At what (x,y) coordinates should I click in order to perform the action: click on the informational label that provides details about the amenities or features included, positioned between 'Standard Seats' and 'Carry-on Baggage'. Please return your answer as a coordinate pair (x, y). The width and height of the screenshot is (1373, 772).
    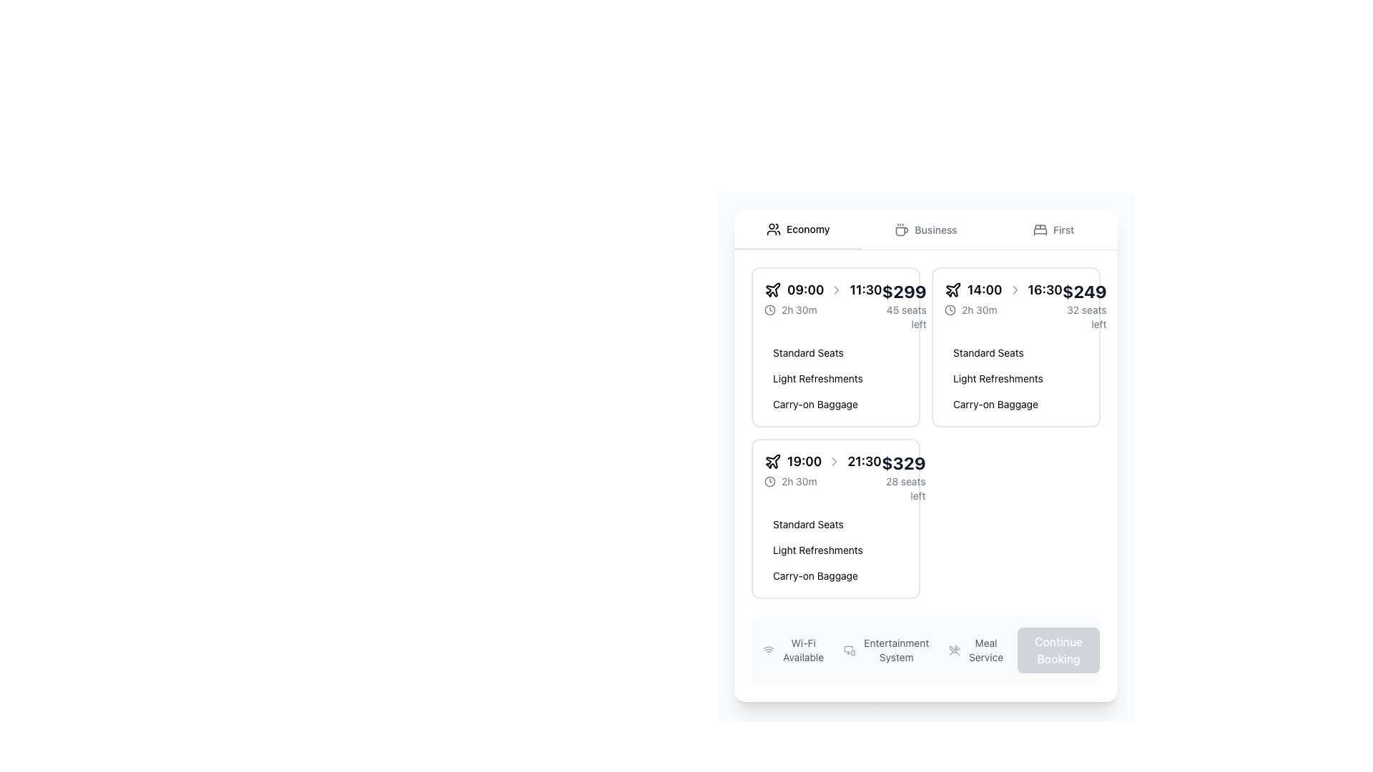
    Looking at the image, I should click on (817, 550).